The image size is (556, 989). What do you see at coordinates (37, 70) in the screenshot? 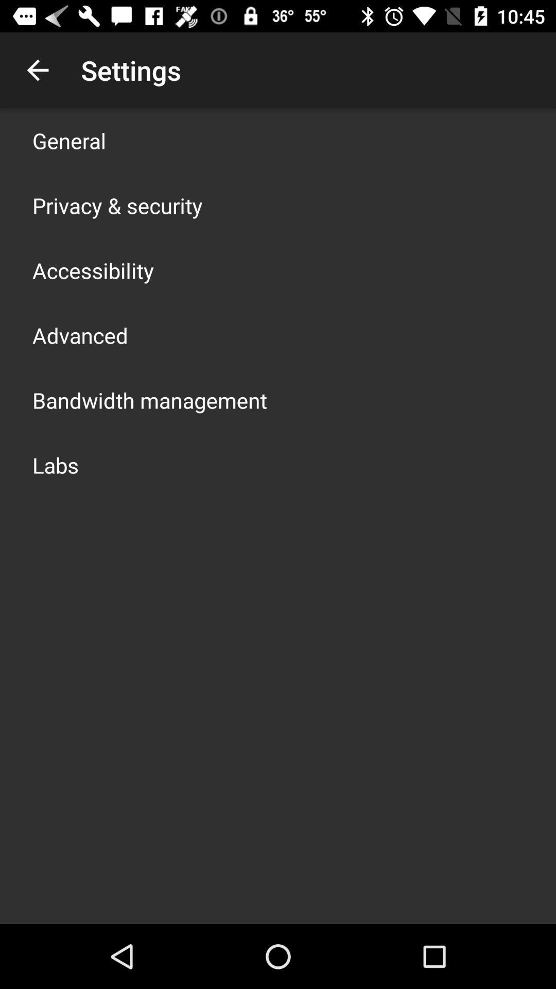
I see `the item to the left of settings` at bounding box center [37, 70].